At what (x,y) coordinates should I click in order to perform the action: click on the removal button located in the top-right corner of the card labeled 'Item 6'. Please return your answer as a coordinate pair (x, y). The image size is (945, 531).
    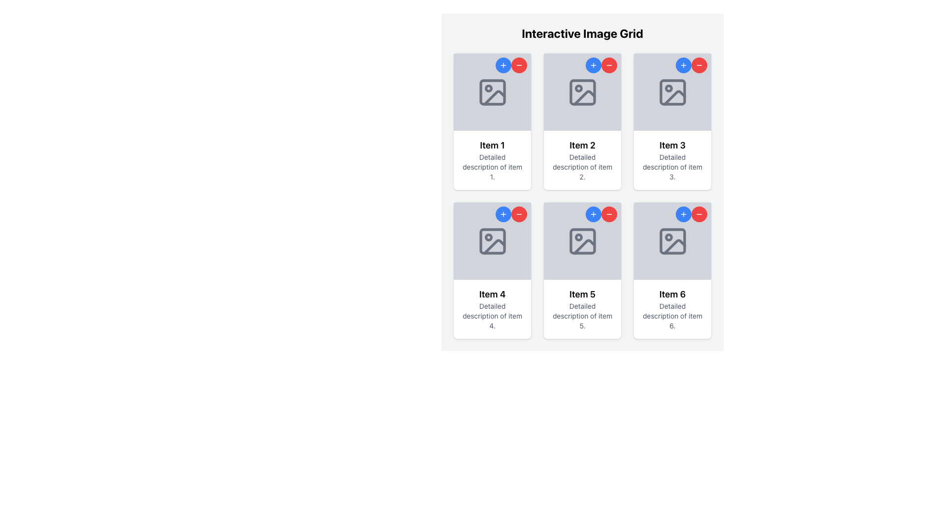
    Looking at the image, I should click on (698, 213).